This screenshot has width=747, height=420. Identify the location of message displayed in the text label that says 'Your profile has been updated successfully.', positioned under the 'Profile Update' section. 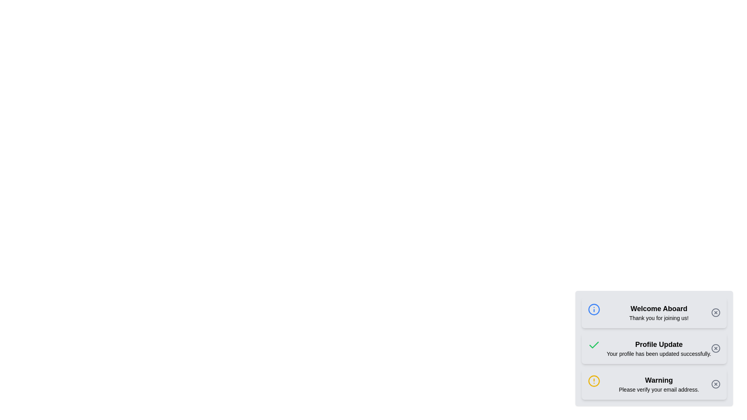
(658, 354).